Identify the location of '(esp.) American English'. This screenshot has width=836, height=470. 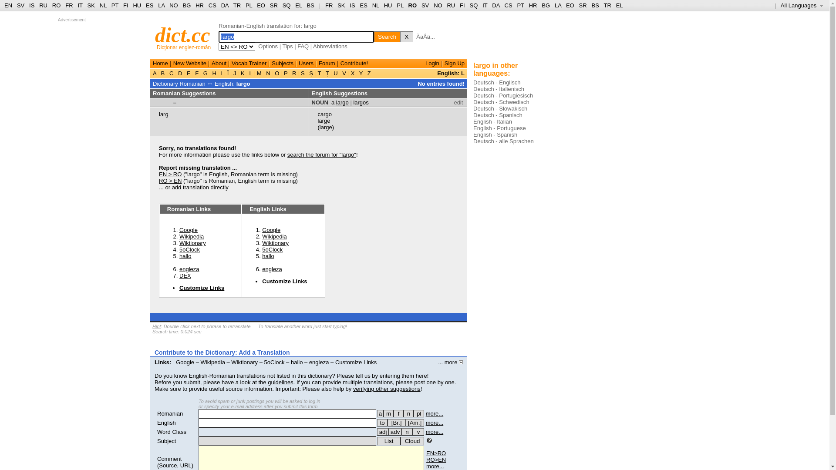
(414, 422).